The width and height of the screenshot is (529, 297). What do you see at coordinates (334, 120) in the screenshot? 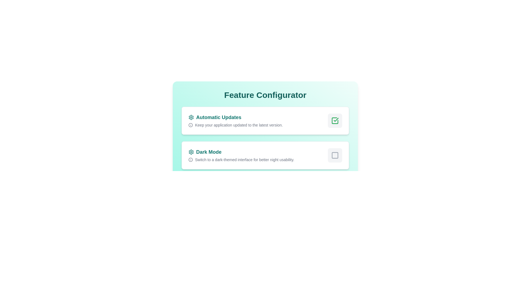
I see `the checkbox styled as a square with rounded corners, which has a light gray background and a green checkmark indicating its active state` at bounding box center [334, 120].